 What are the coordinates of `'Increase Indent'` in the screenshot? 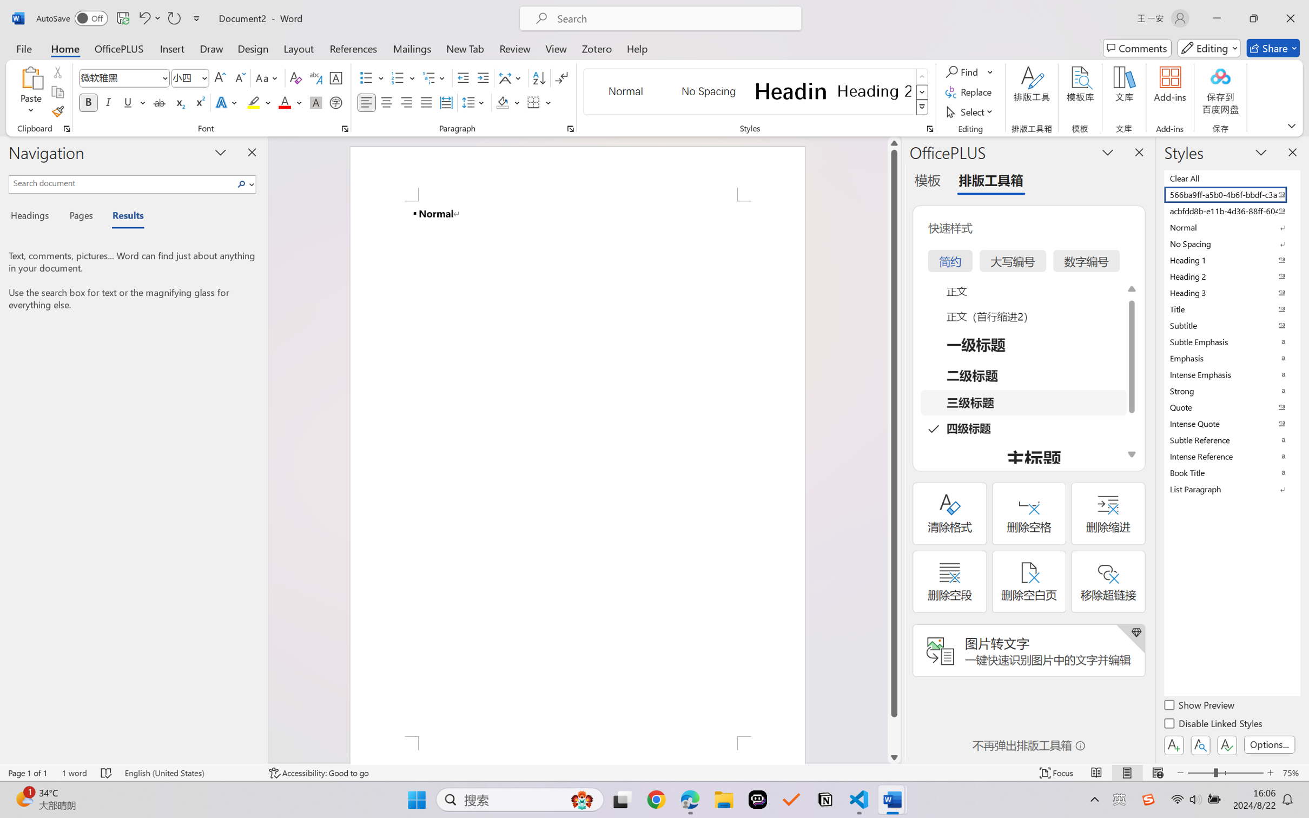 It's located at (482, 78).